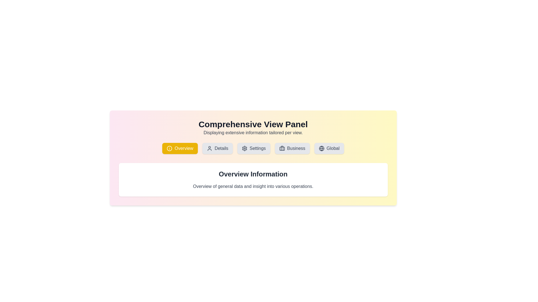 The height and width of the screenshot is (302, 538). I want to click on the settings cogwheel icon located in the Comprehensive View Panel, which is the third button from the left, so click(244, 148).